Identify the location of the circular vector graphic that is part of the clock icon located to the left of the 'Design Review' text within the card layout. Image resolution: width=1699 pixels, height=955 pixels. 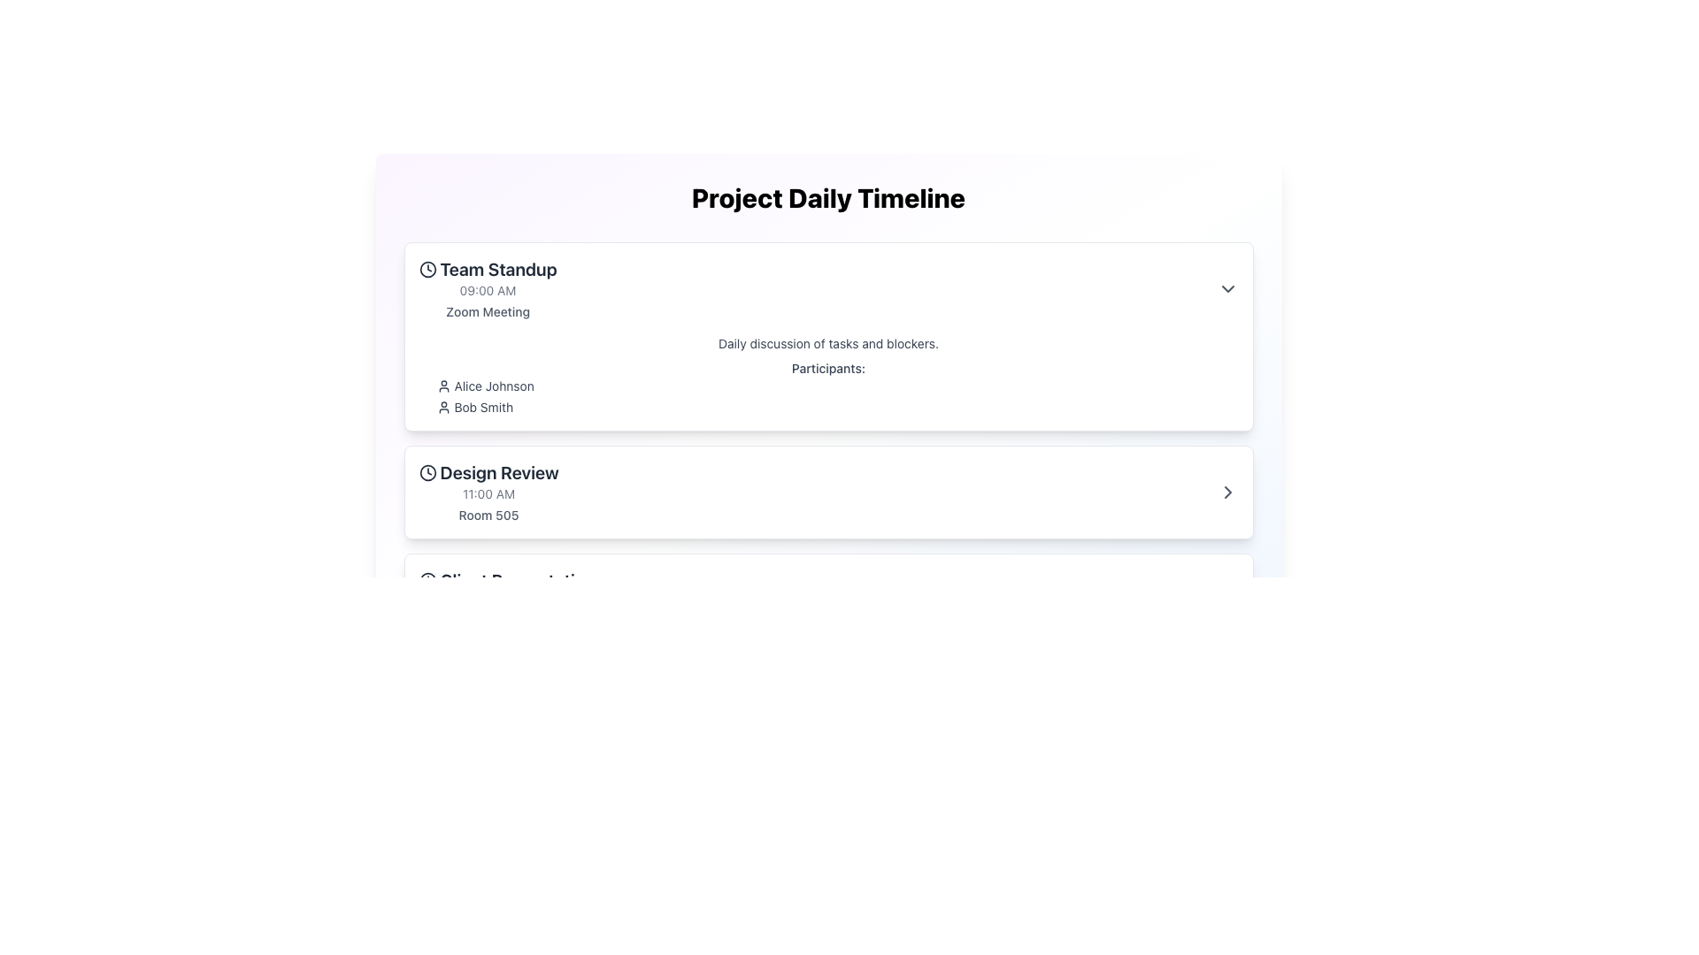
(427, 472).